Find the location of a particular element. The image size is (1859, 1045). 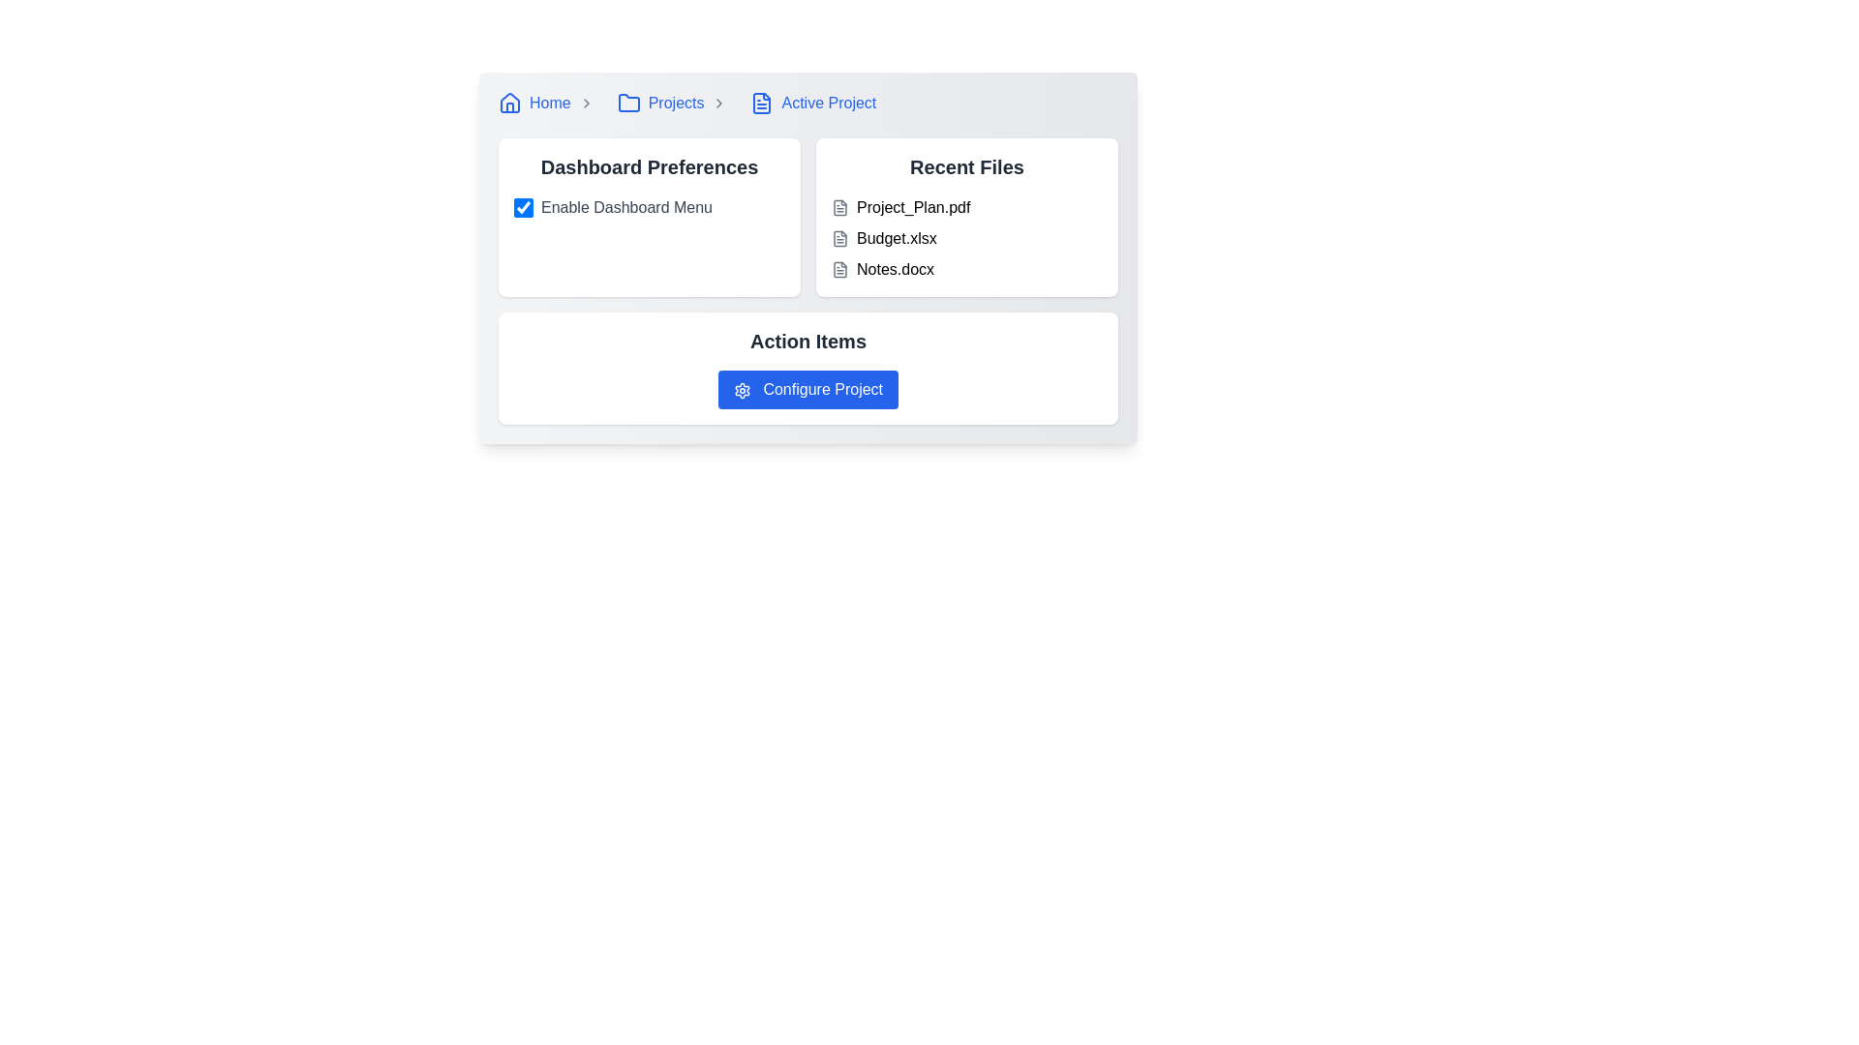

the 'Action Items' text label, which is styled in bold and larger size, located within a light-colored card layout and positioned above the 'Configure Project' button is located at coordinates (808, 341).